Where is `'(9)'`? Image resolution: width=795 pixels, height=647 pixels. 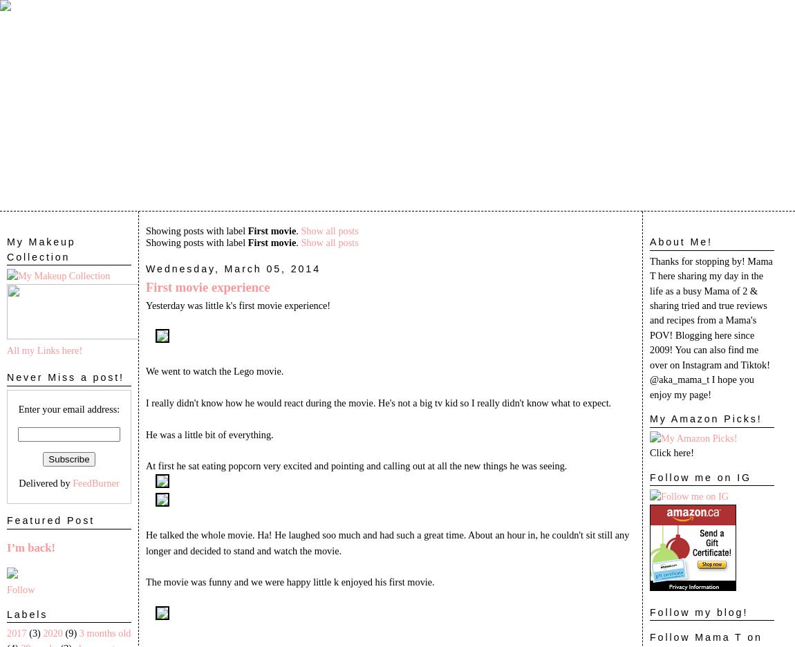
'(9)' is located at coordinates (70, 632).